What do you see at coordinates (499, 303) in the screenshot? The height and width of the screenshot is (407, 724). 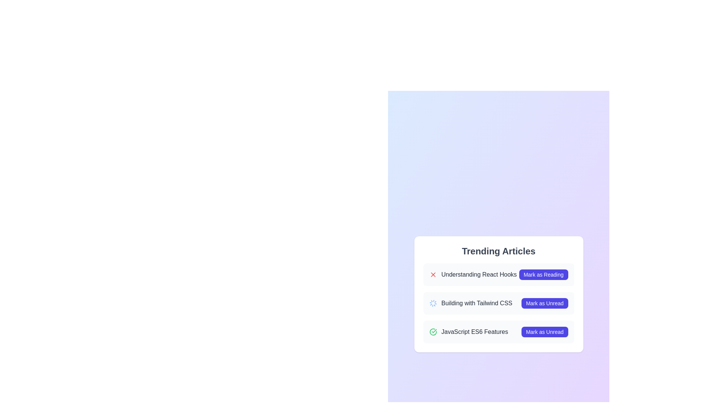 I see `the spinner animation of the second list item titled 'Building with Tailwind CSS' in the 'Trending Articles' section, which indicates an ongoing process` at bounding box center [499, 303].